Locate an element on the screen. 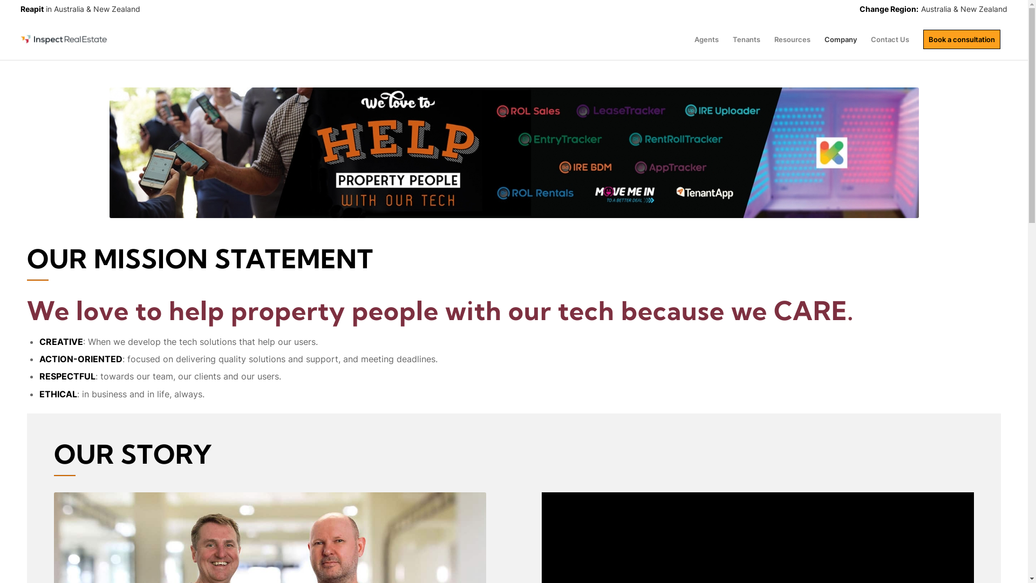  'Company' is located at coordinates (840, 39).